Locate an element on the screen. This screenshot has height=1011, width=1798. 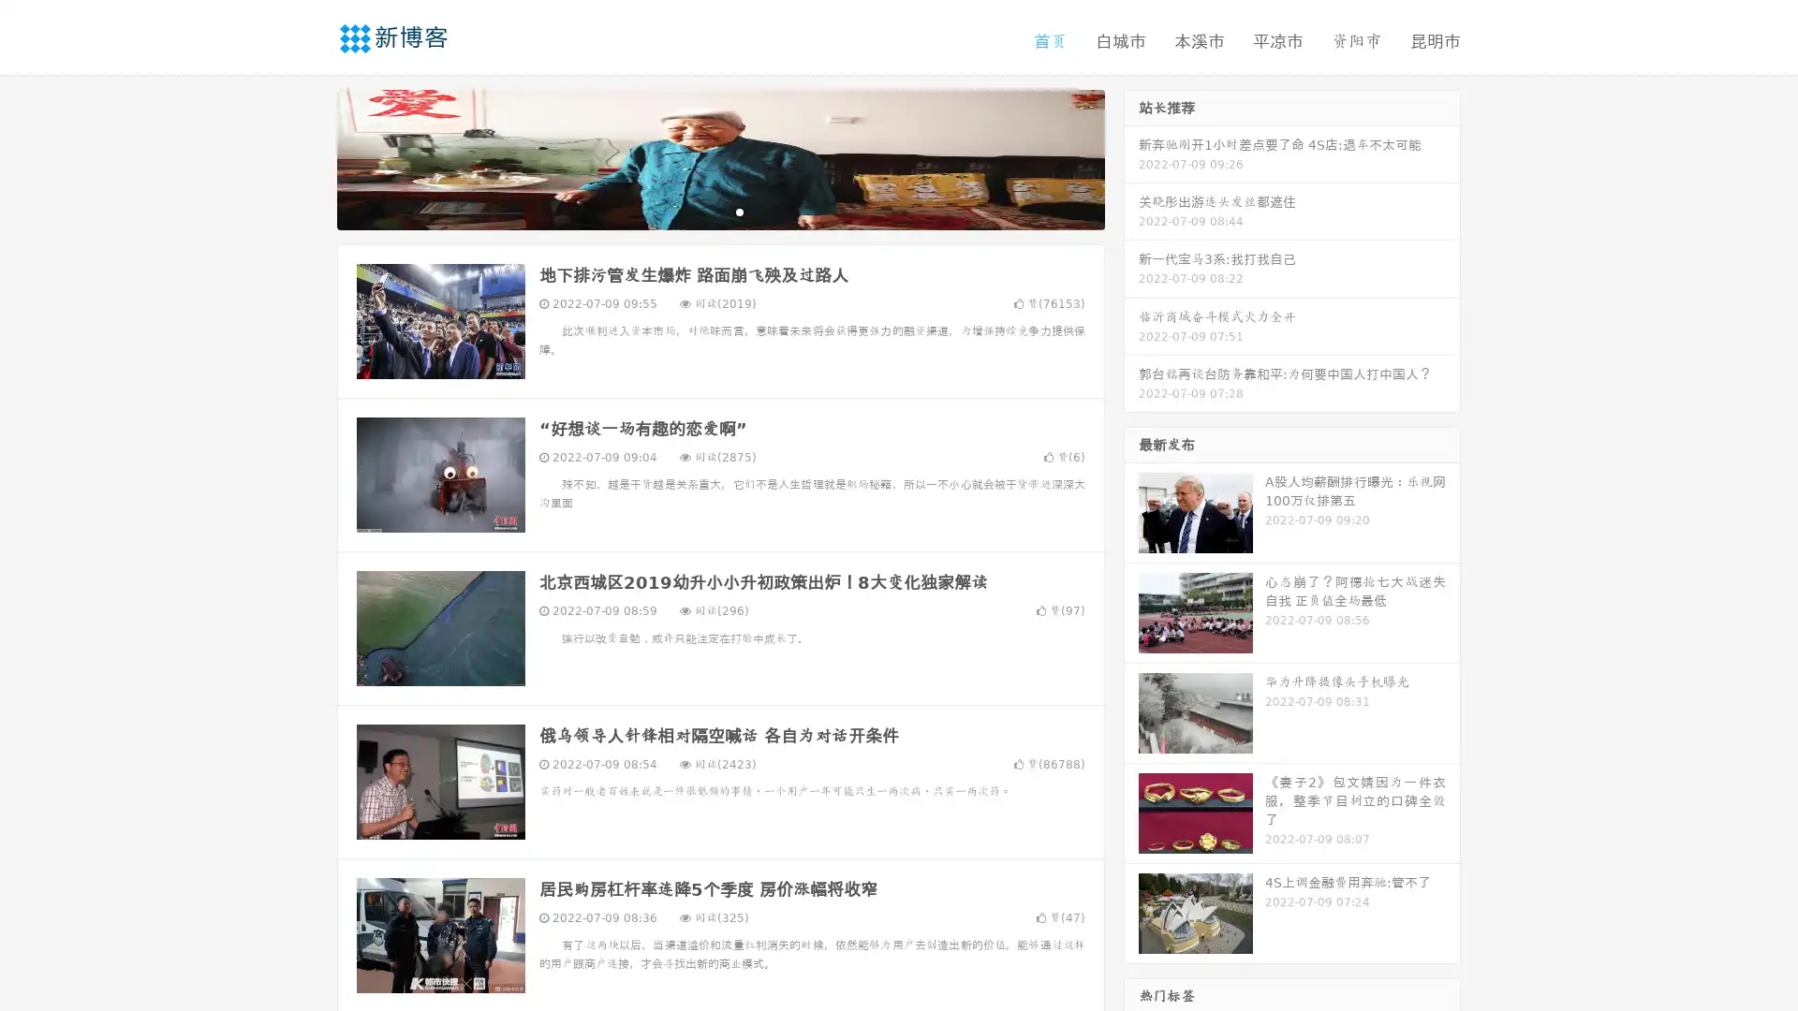
Go to slide 2 is located at coordinates (719, 211).